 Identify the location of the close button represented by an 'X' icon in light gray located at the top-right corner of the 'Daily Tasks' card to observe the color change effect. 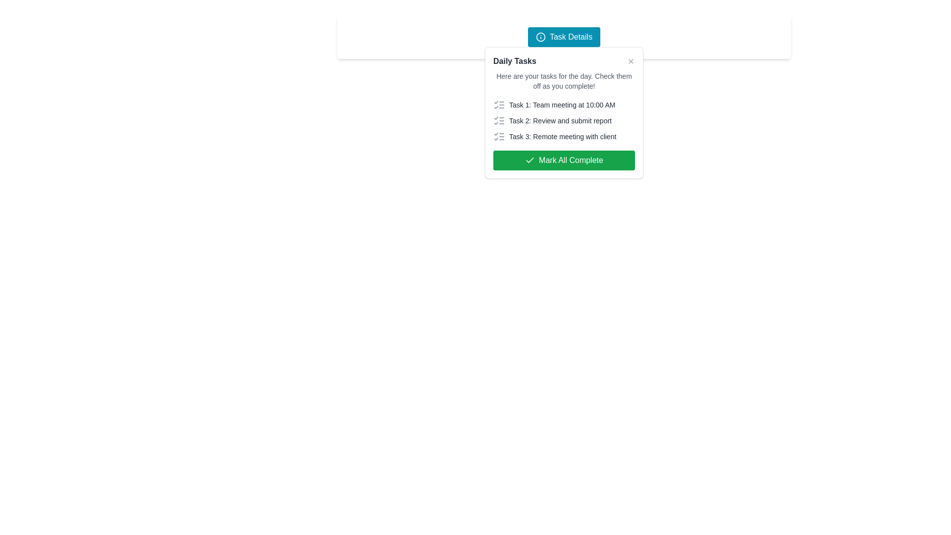
(630, 61).